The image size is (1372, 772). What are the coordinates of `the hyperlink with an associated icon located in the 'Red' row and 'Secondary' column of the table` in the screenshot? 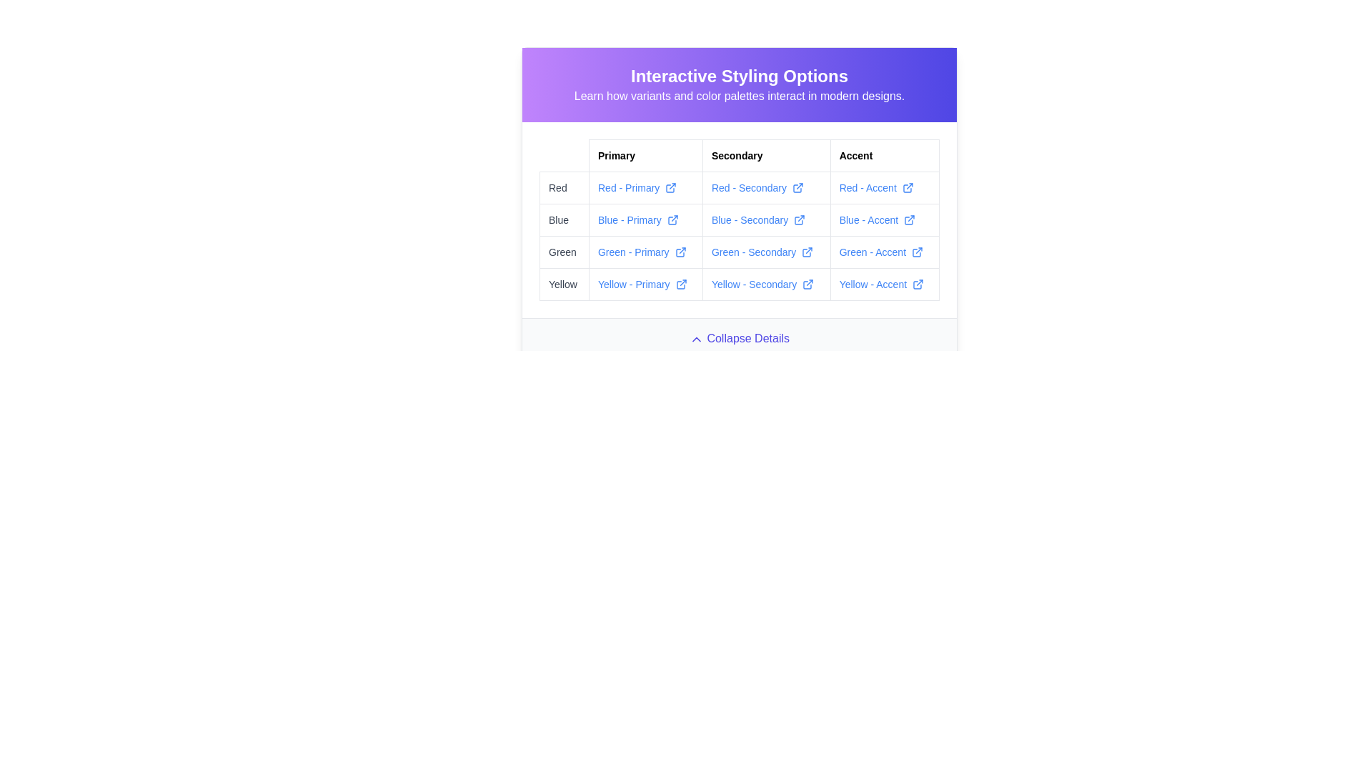 It's located at (740, 187).